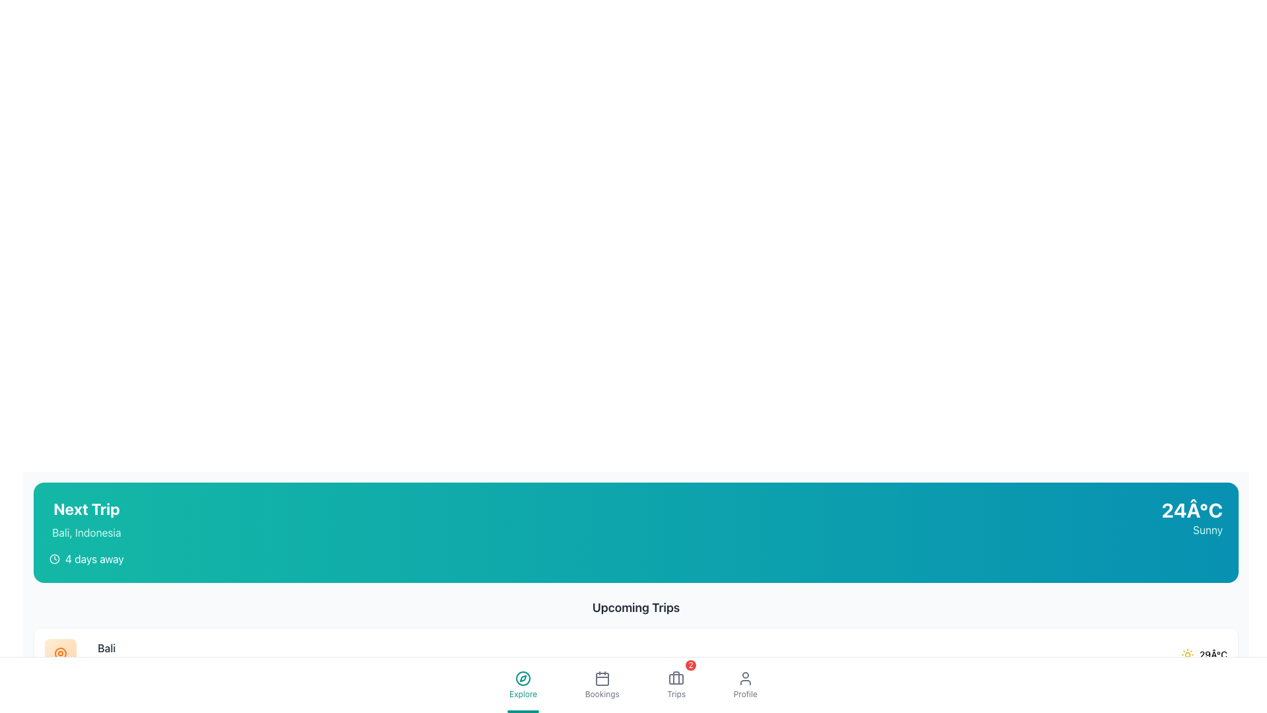  I want to click on the 'Explore' navigation button, which features a compass icon and teal text, so click(523, 684).